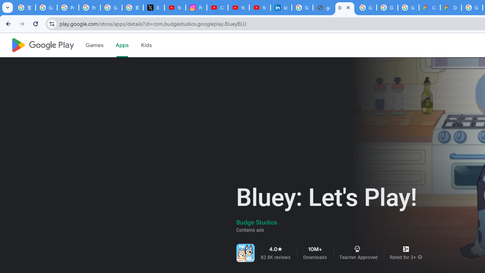 Image resolution: width=485 pixels, height=273 pixels. I want to click on 'Google Workspace - Specific Terms', so click(387, 8).